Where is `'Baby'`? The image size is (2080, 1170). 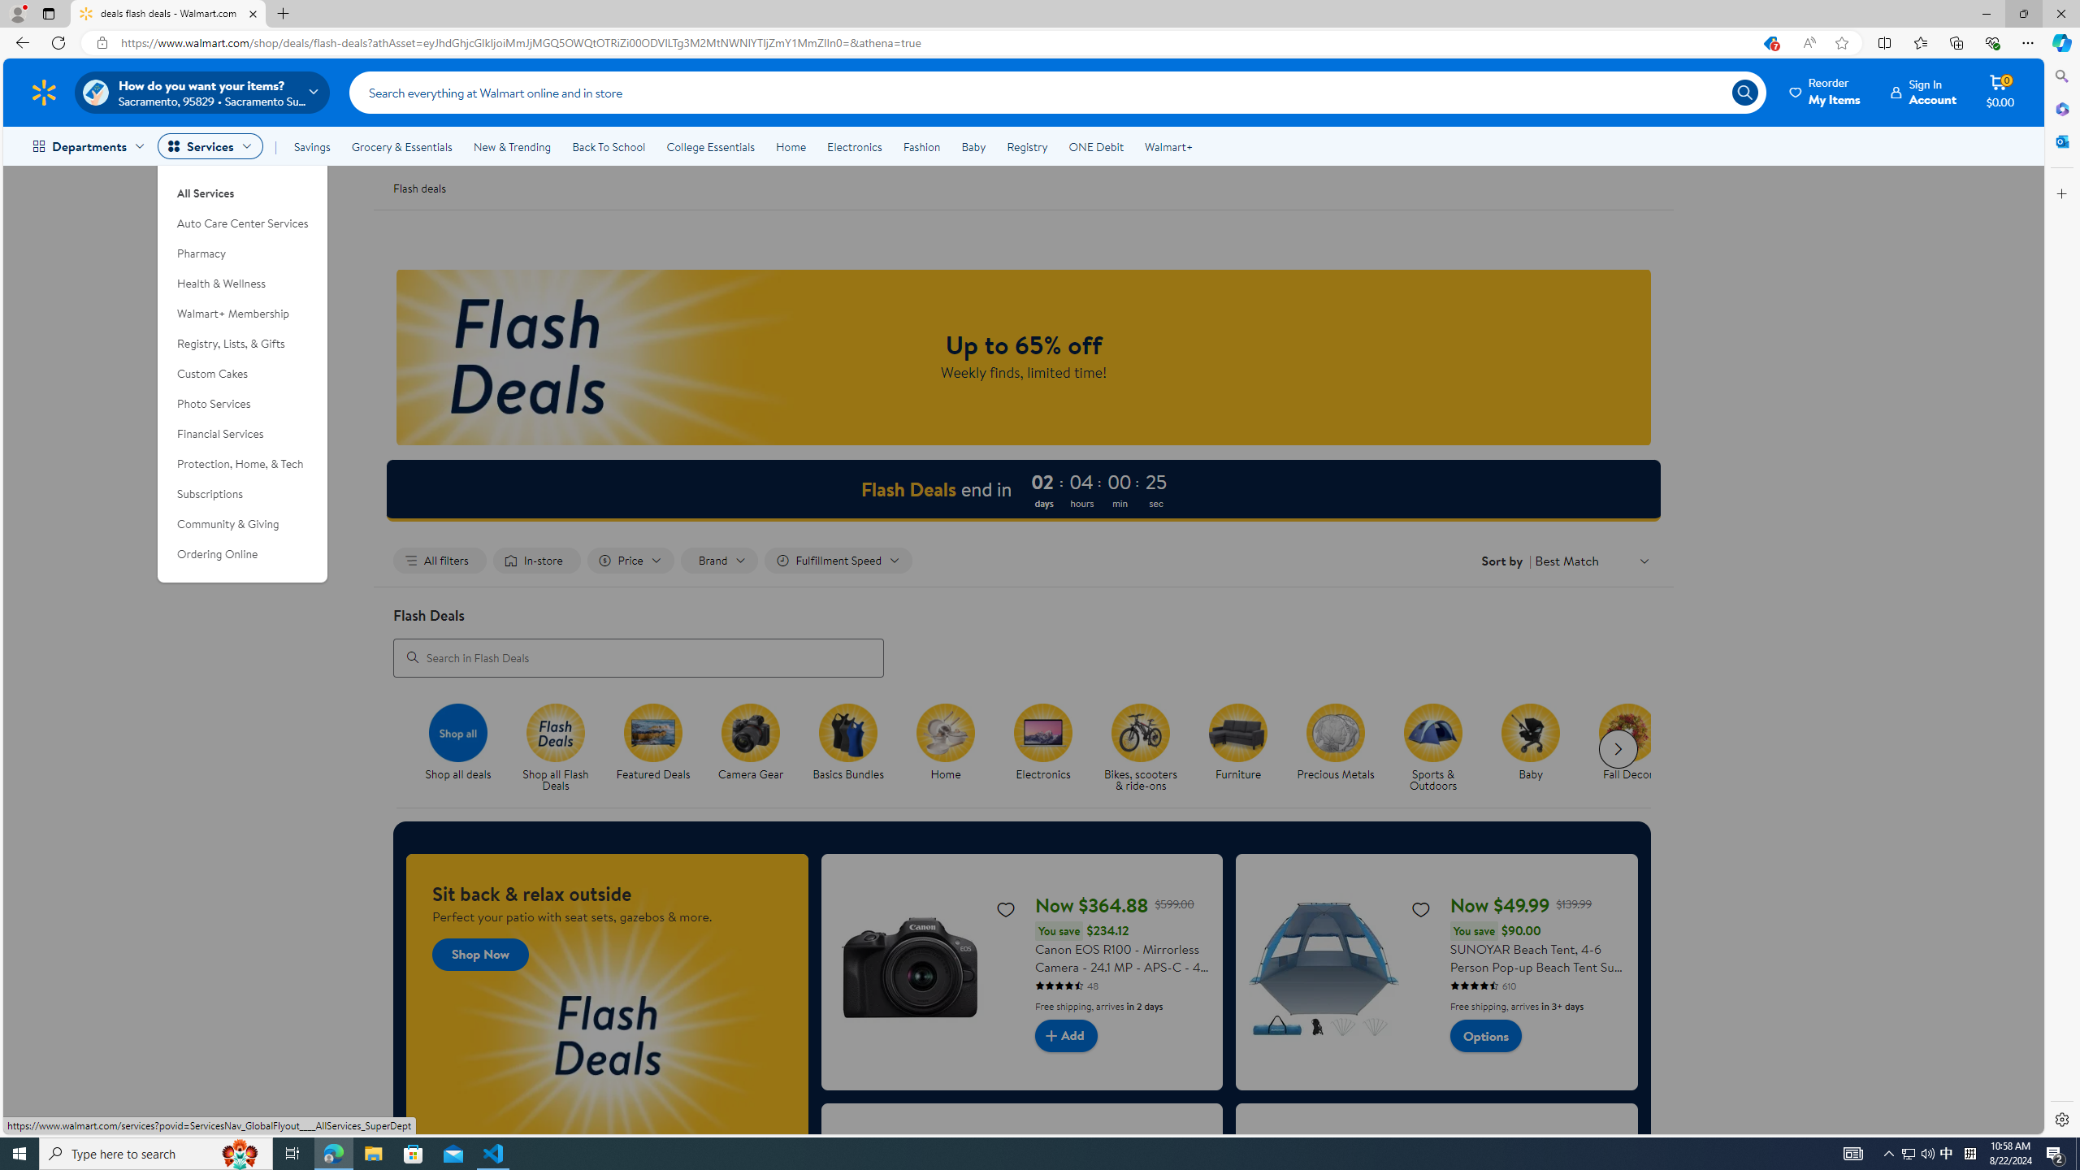 'Baby' is located at coordinates (1530, 731).